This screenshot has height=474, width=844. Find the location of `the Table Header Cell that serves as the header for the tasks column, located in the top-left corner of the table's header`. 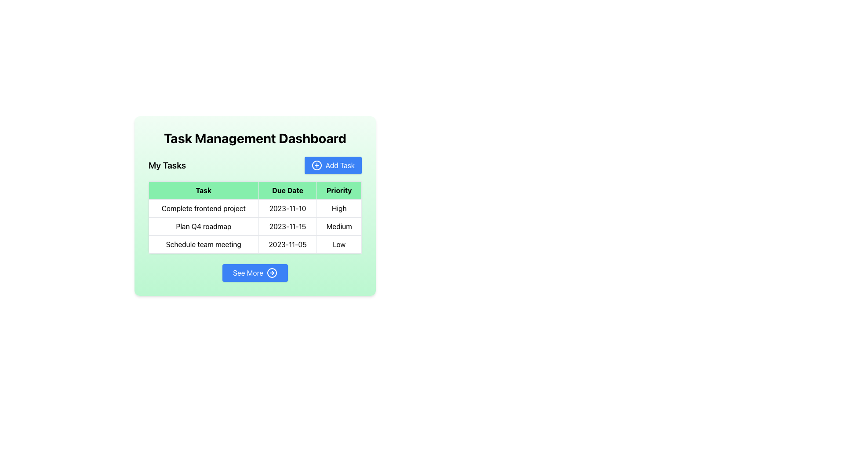

the Table Header Cell that serves as the header for the tasks column, located in the top-left corner of the table's header is located at coordinates (203, 190).